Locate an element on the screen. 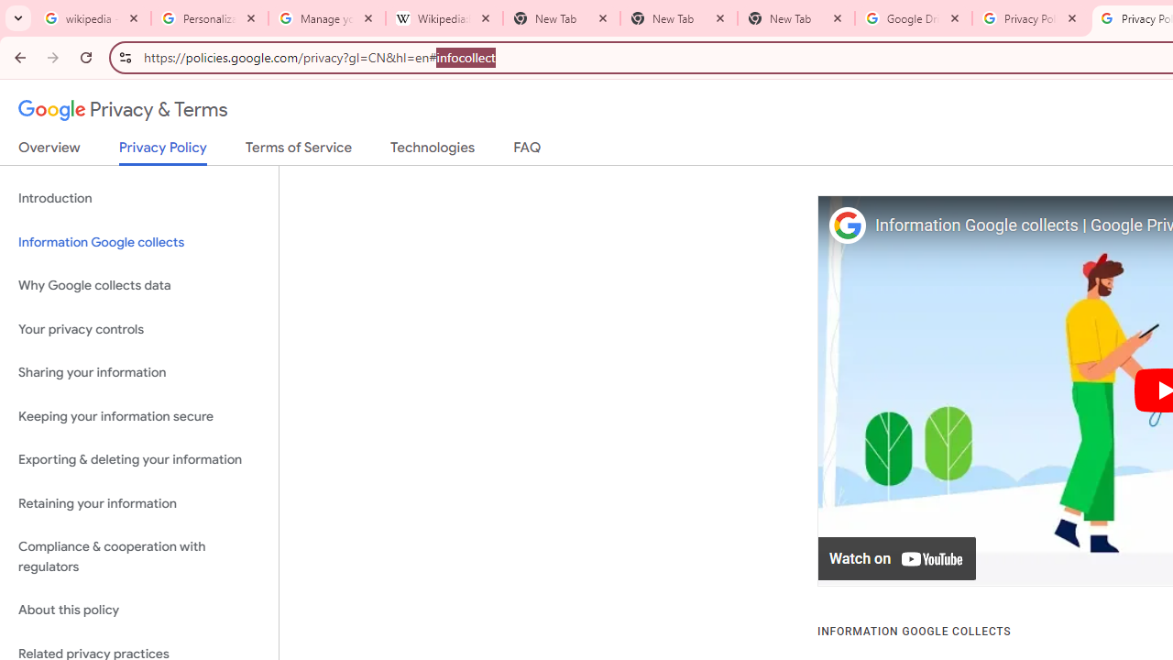  'Wikipedia:Edit requests - Wikipedia' is located at coordinates (444, 18).